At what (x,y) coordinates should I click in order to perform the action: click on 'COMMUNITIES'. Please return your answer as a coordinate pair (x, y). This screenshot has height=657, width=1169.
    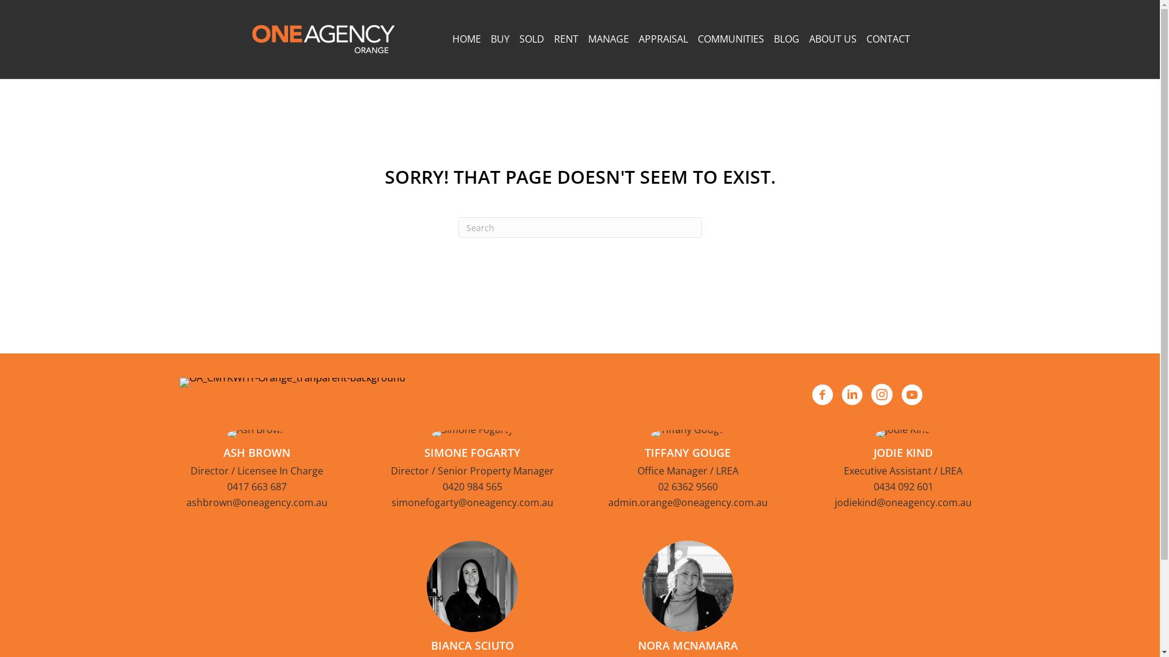
    Looking at the image, I should click on (731, 38).